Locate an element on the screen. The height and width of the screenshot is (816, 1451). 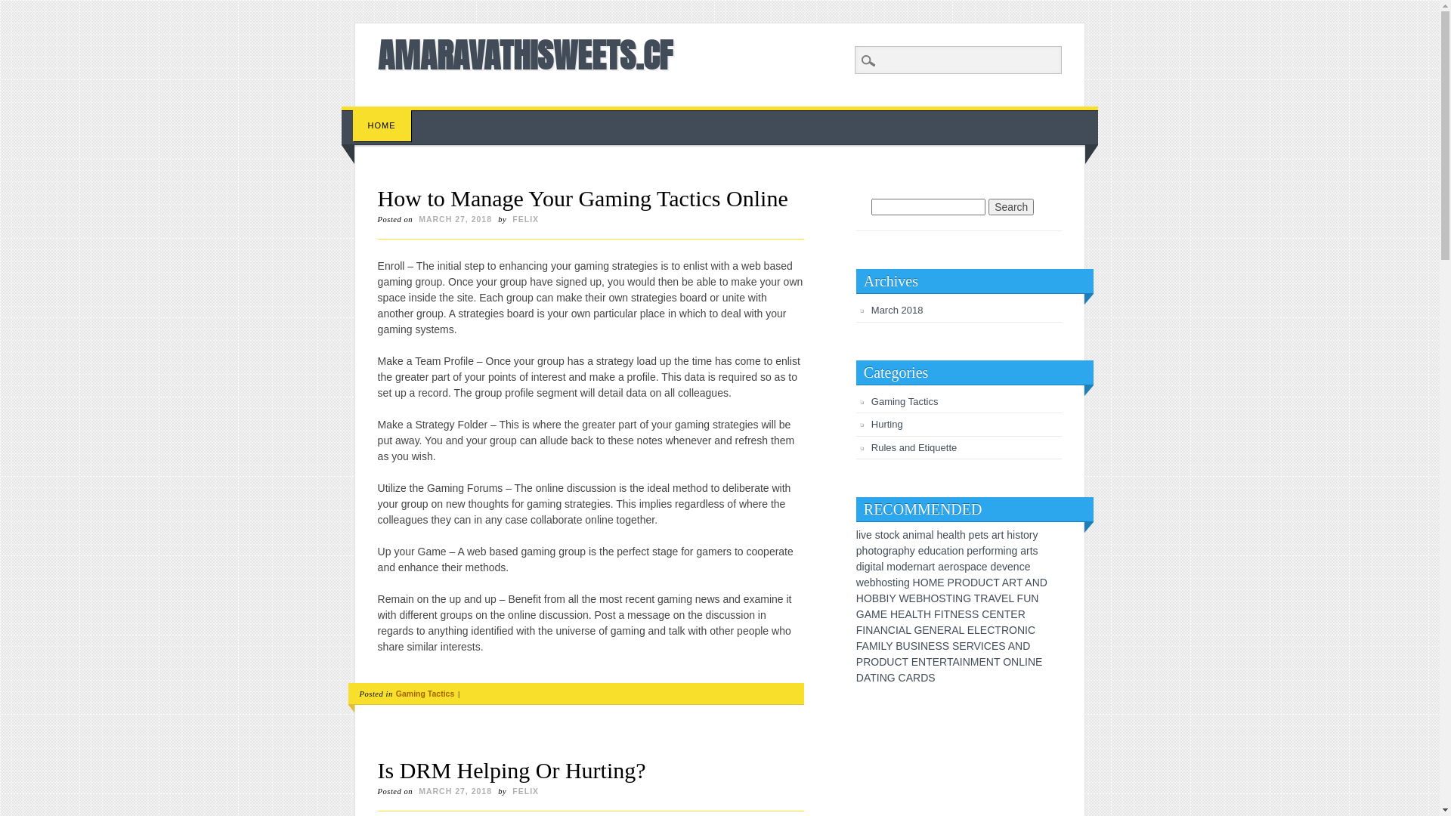
'r' is located at coordinates (914, 566).